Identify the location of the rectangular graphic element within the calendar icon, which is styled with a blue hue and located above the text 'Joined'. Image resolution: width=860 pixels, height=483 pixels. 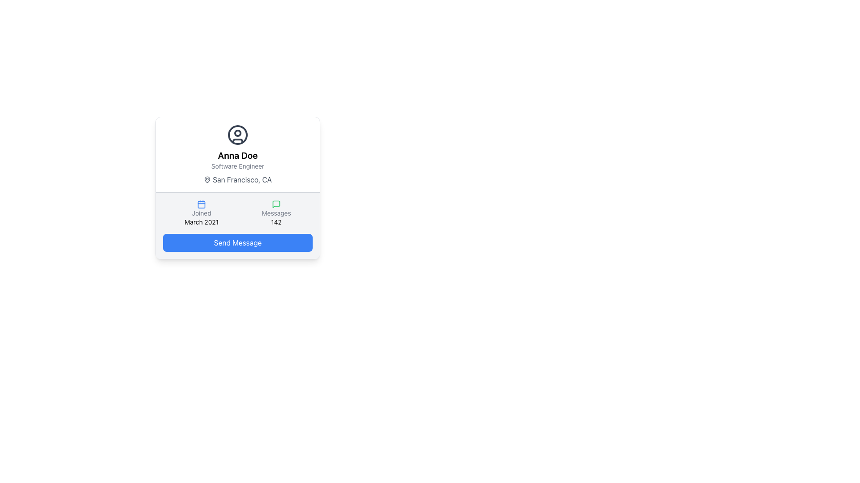
(201, 204).